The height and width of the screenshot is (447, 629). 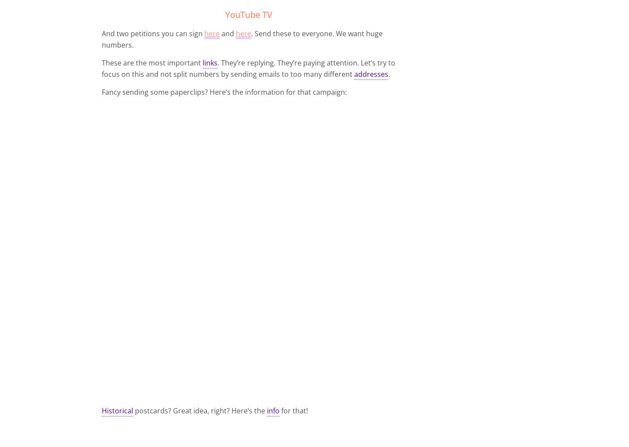 What do you see at coordinates (210, 62) in the screenshot?
I see `'links'` at bounding box center [210, 62].